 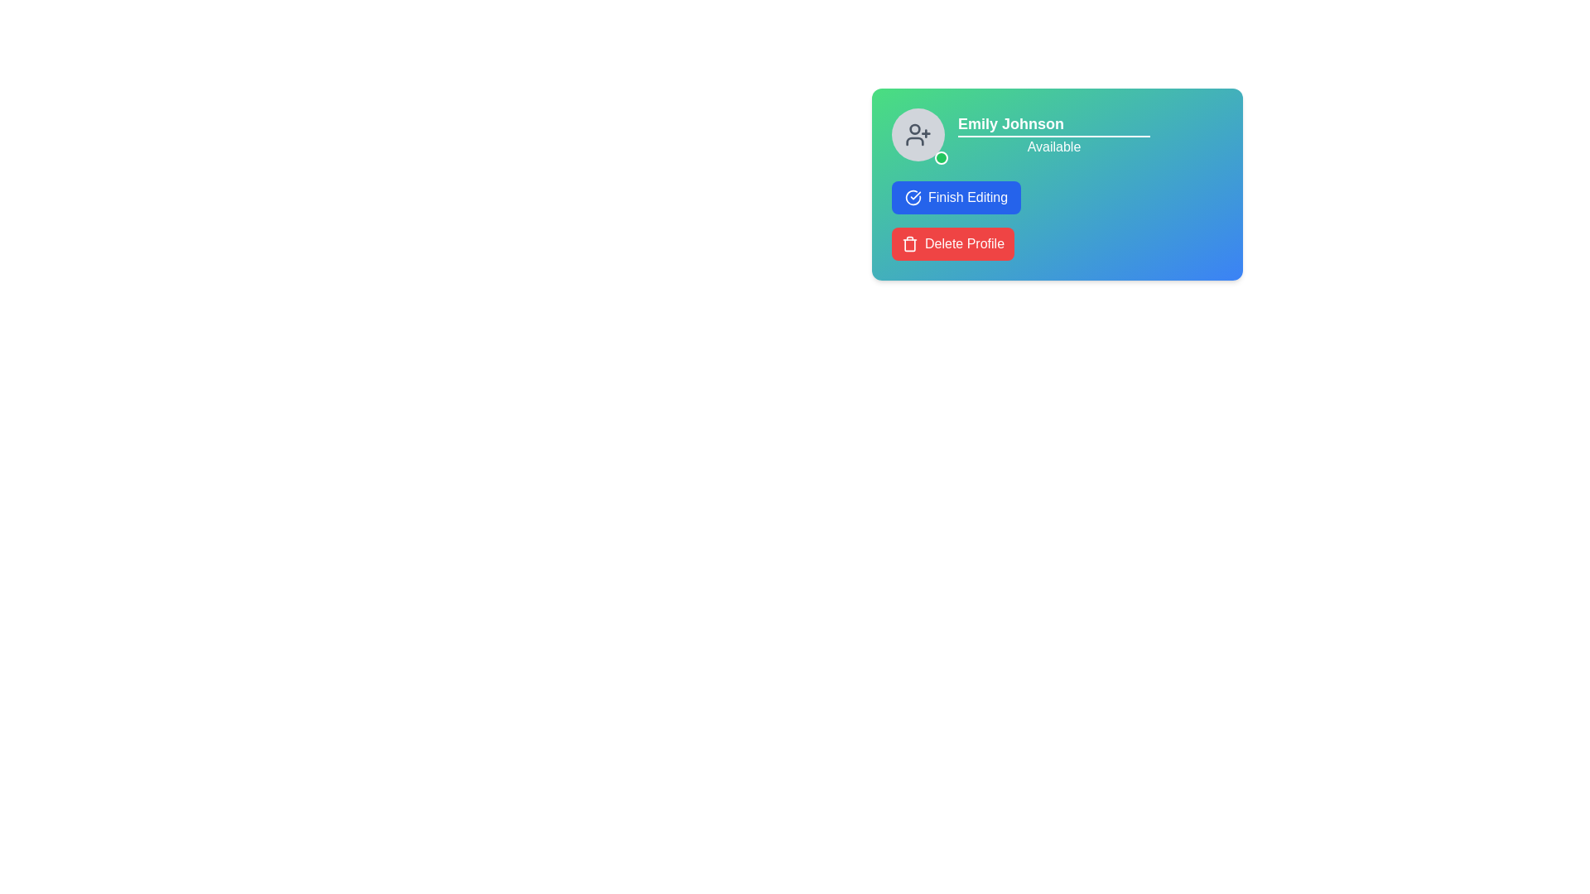 I want to click on the text input field displaying the name 'Emily Johnson', so click(x=1053, y=123).